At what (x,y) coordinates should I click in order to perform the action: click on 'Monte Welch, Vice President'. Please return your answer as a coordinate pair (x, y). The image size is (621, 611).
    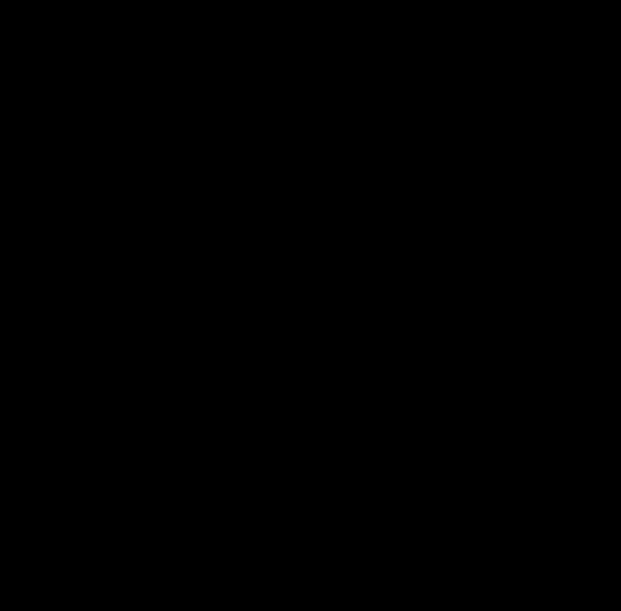
    Looking at the image, I should click on (196, 209).